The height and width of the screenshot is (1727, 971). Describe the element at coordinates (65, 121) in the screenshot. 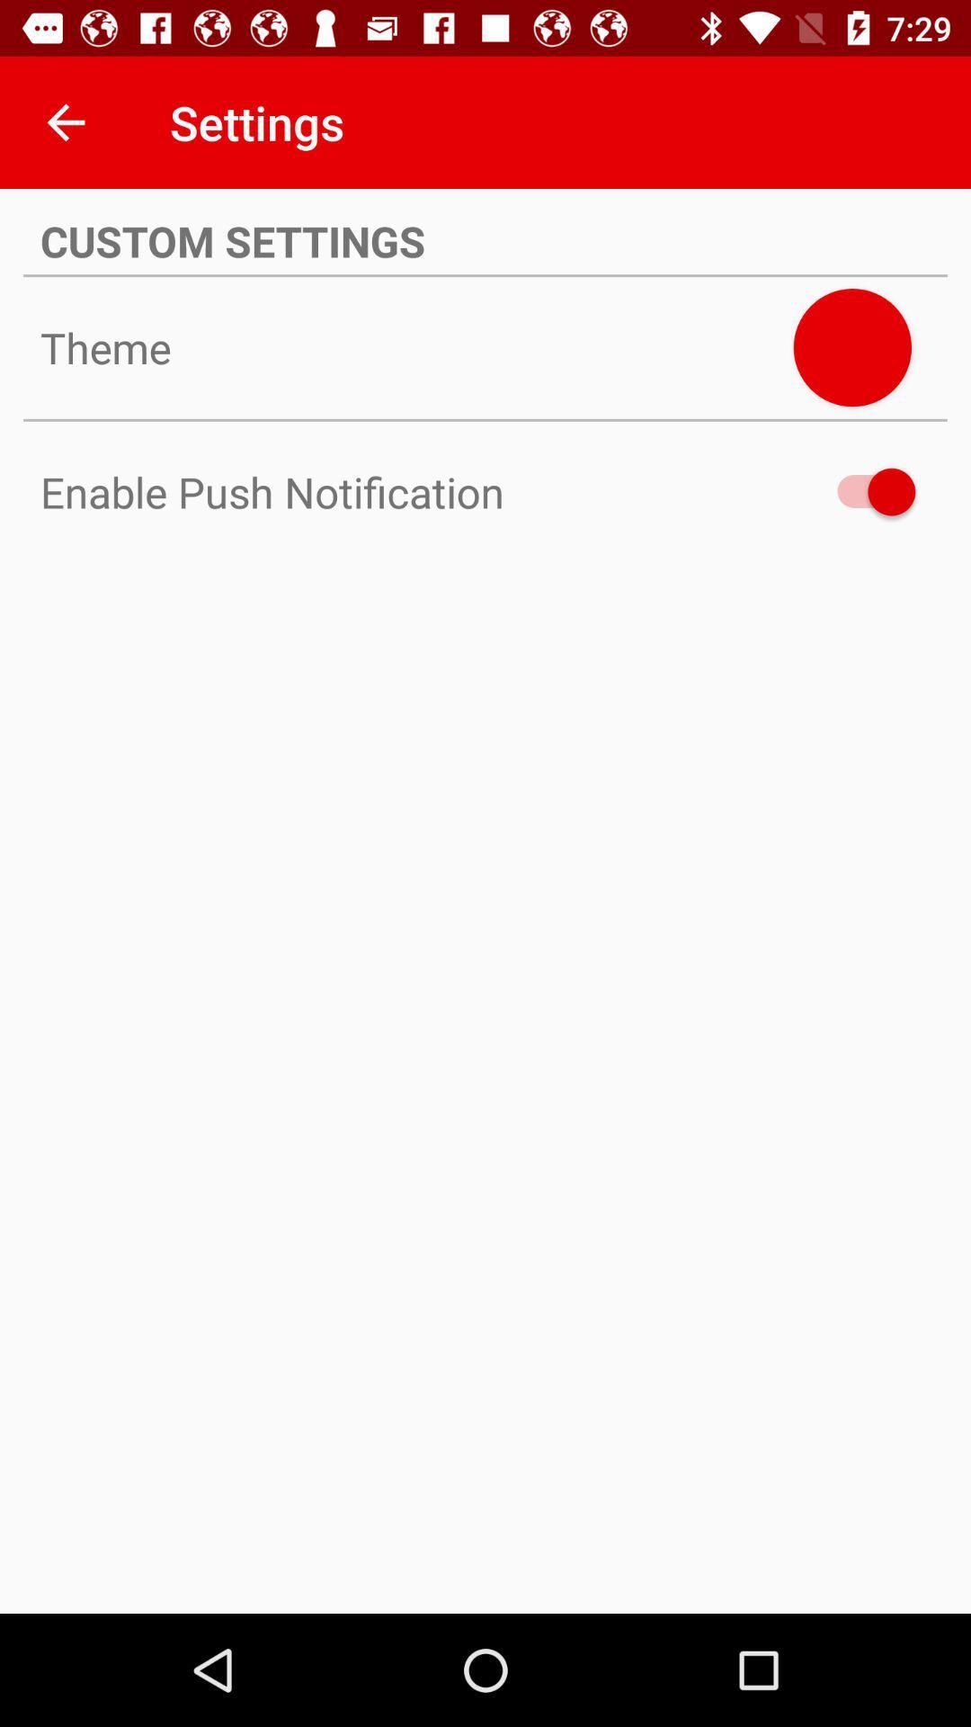

I see `icon above custom settings icon` at that location.